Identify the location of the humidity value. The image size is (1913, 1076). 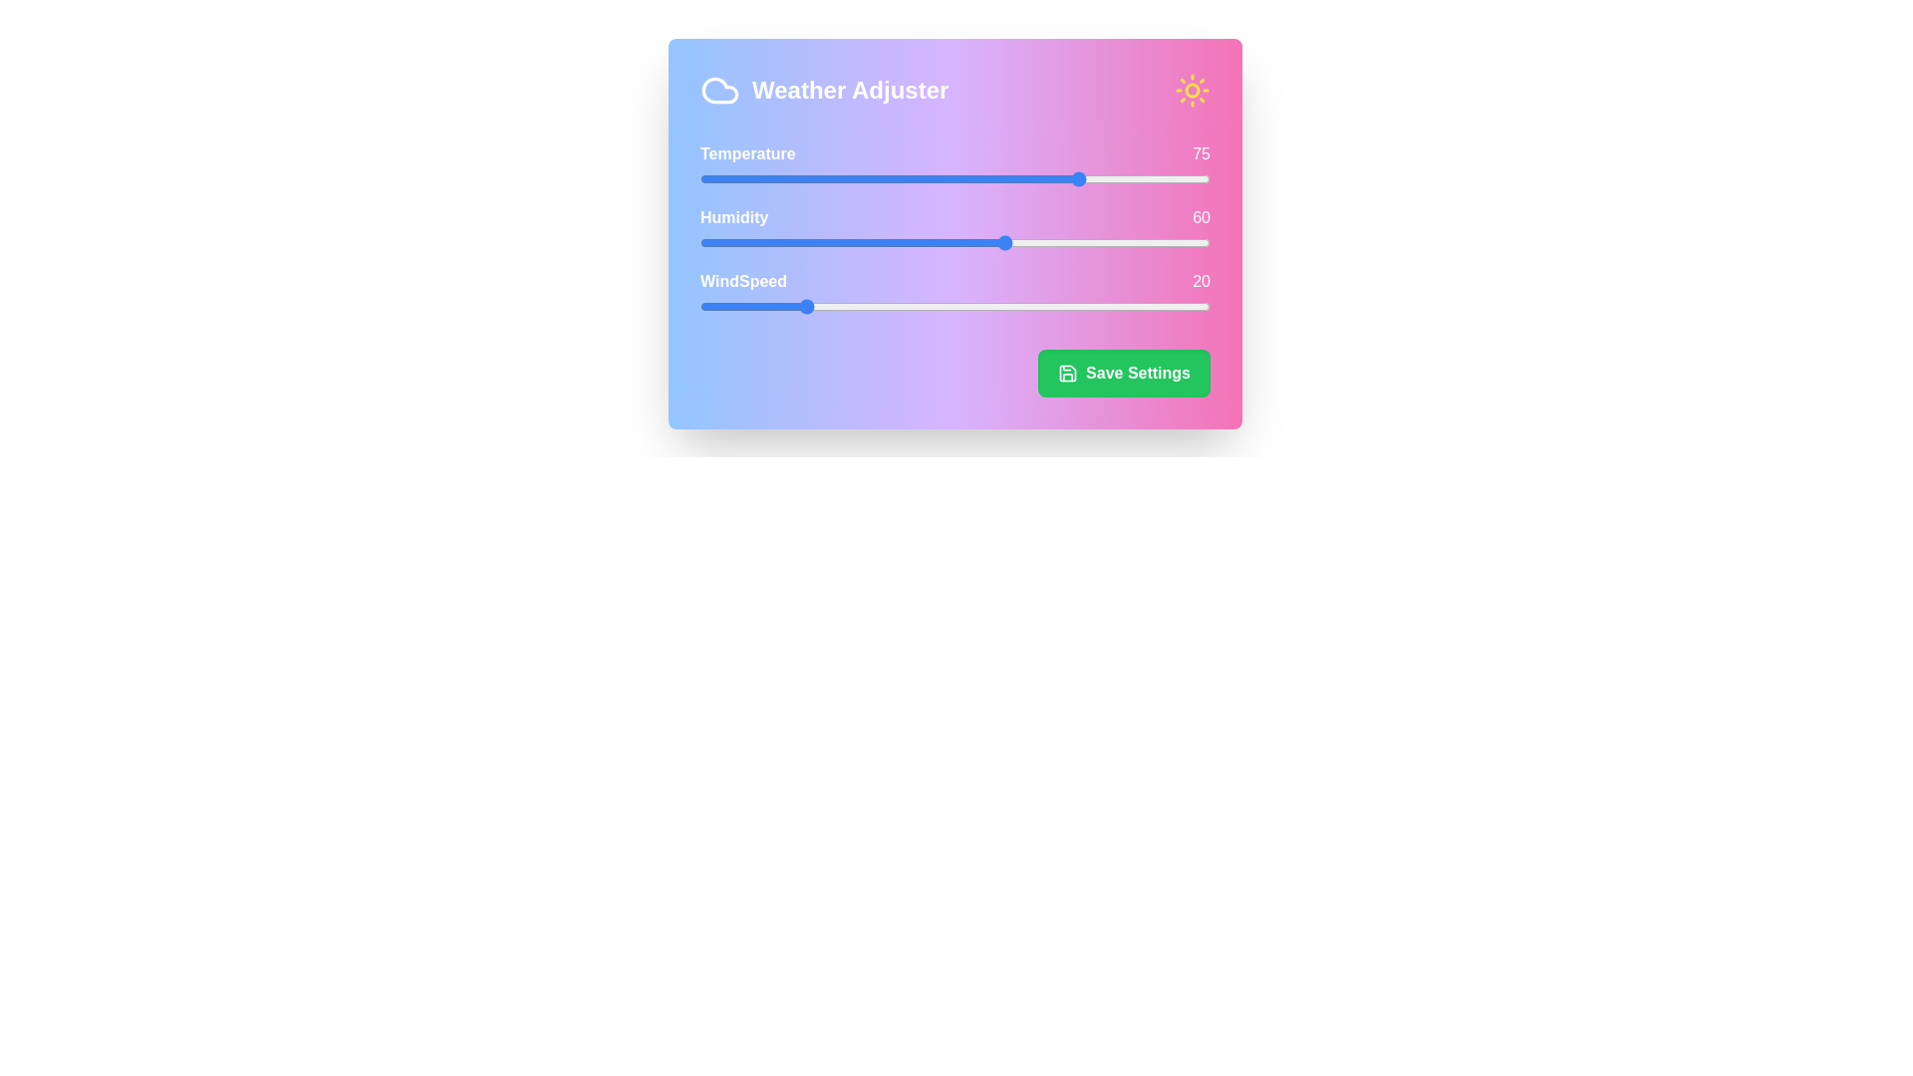
(1031, 241).